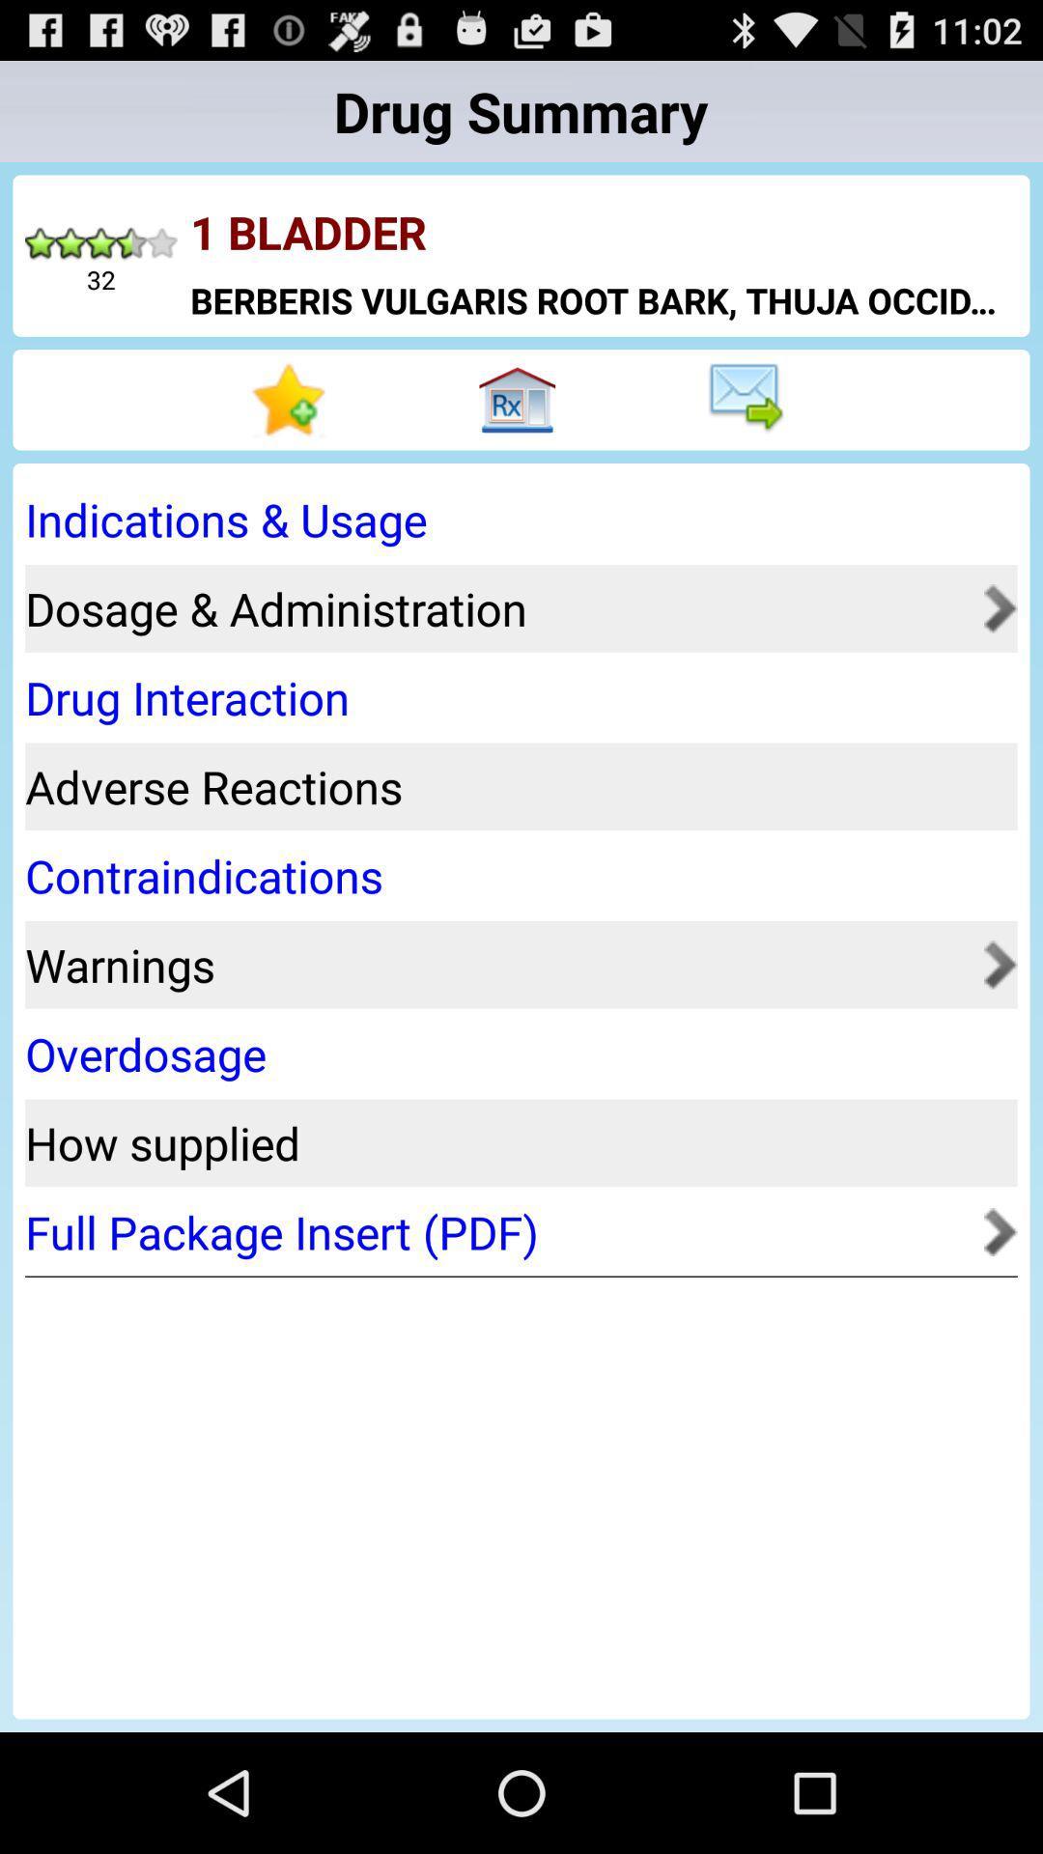 The width and height of the screenshot is (1043, 1854). What do you see at coordinates (514, 875) in the screenshot?
I see `the icon below the adverse reactions app` at bounding box center [514, 875].